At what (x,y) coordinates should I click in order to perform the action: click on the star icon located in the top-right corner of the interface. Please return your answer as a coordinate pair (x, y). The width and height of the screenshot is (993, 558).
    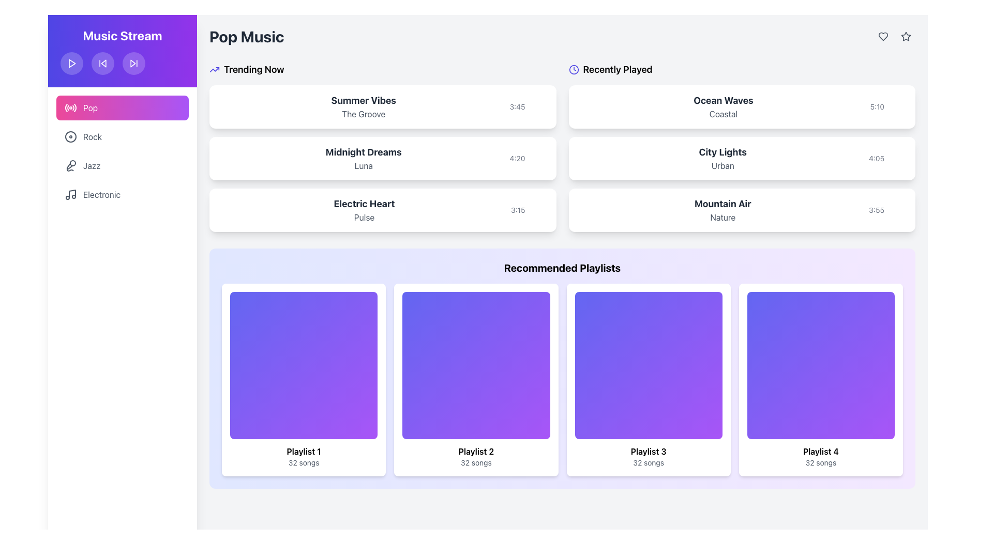
    Looking at the image, I should click on (905, 35).